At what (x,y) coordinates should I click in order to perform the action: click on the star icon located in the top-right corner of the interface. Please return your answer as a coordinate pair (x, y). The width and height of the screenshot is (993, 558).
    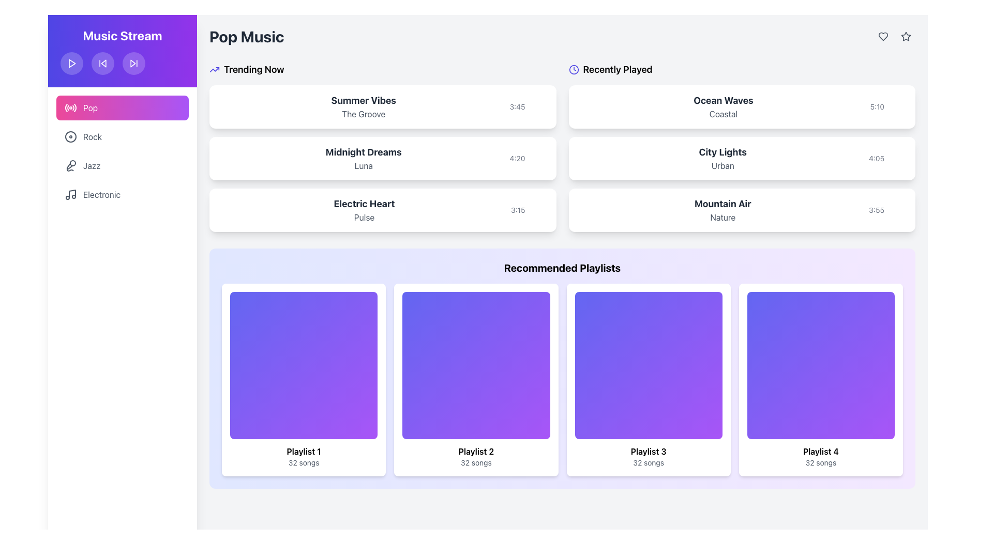
    Looking at the image, I should click on (905, 35).